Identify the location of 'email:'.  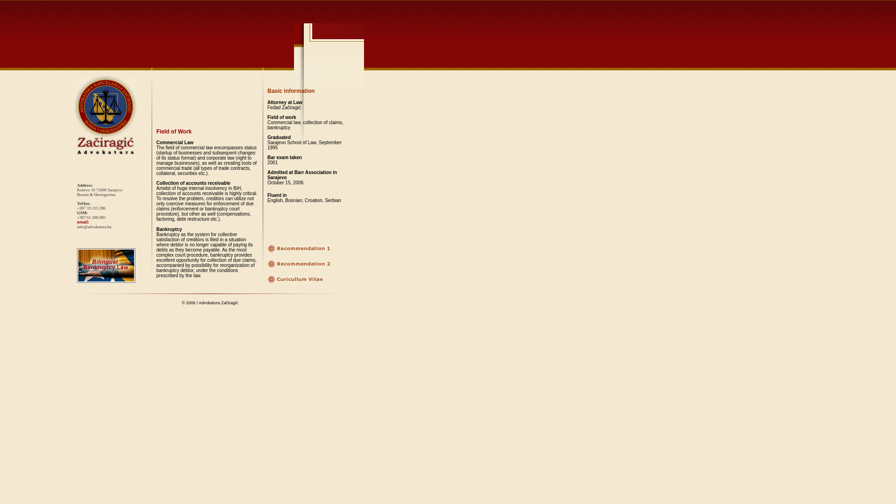
(83, 221).